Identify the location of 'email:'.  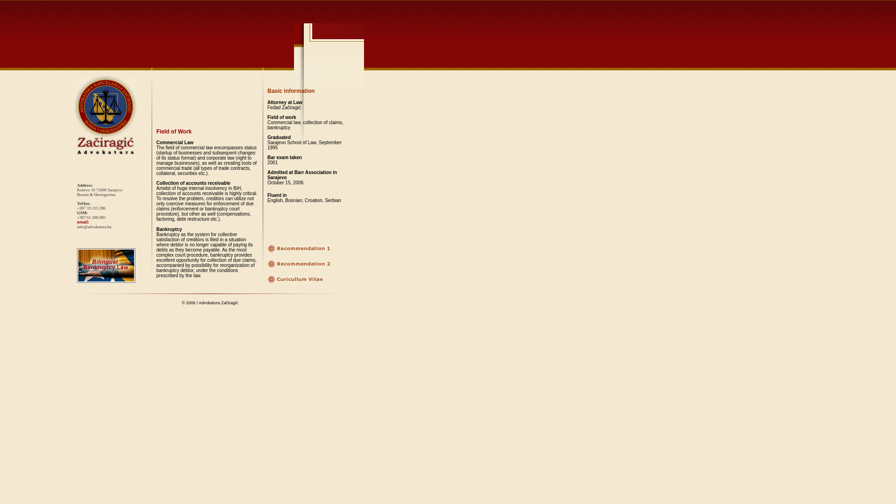
(83, 221).